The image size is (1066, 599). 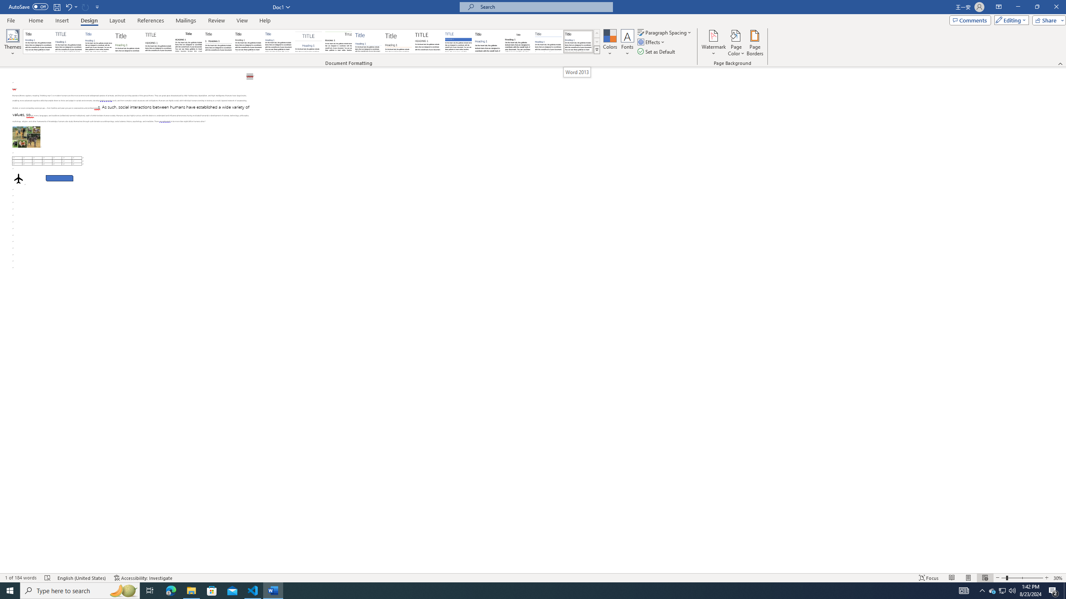 I want to click on 'Can', so click(x=85, y=6).